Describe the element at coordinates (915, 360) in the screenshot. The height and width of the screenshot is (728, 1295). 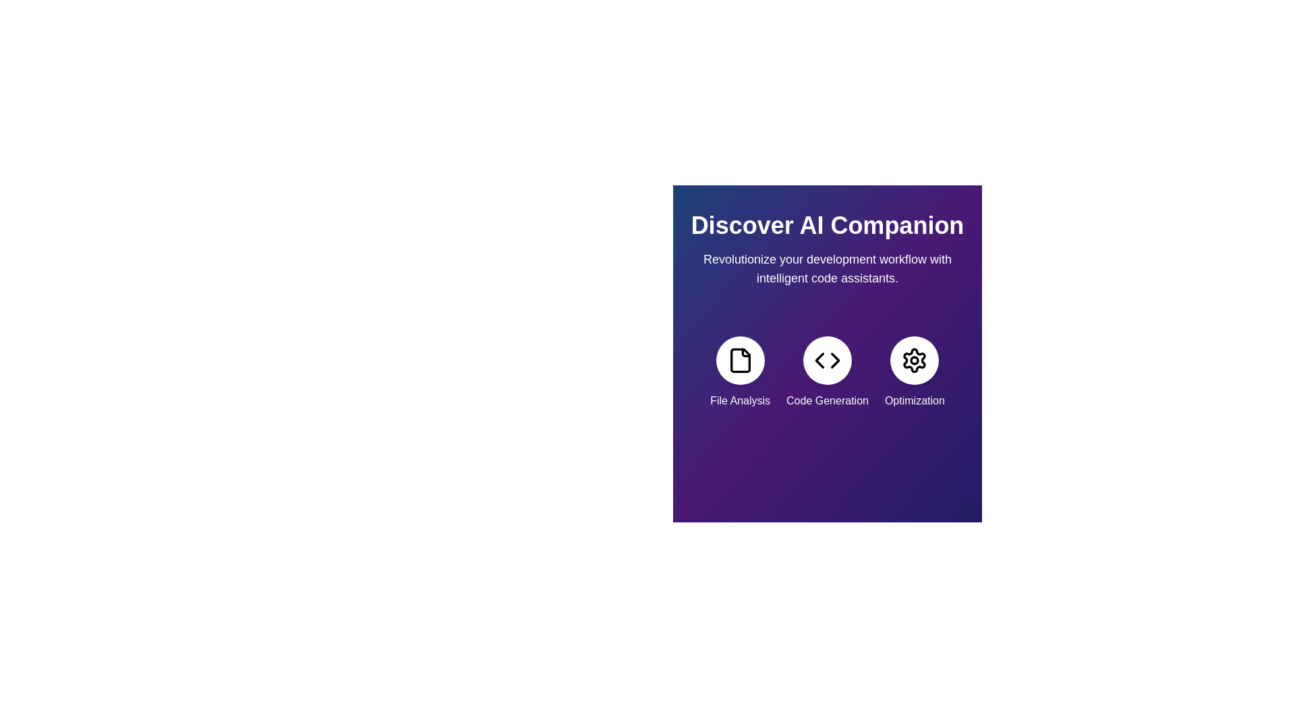
I see `the 'Optimization' button, which is the third button in a row under the 'Discover AI Companion' header, featuring a gear icon` at that location.